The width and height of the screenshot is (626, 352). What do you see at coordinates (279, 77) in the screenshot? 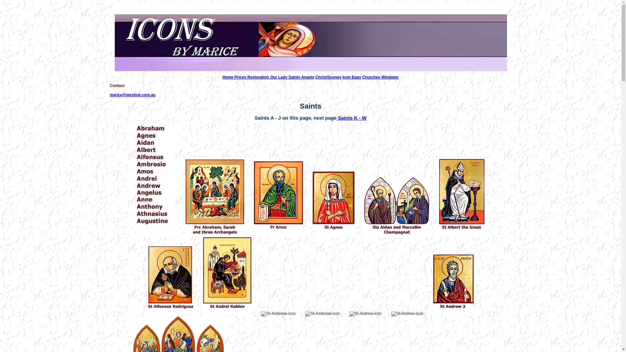
I see `'Our Lady'` at bounding box center [279, 77].